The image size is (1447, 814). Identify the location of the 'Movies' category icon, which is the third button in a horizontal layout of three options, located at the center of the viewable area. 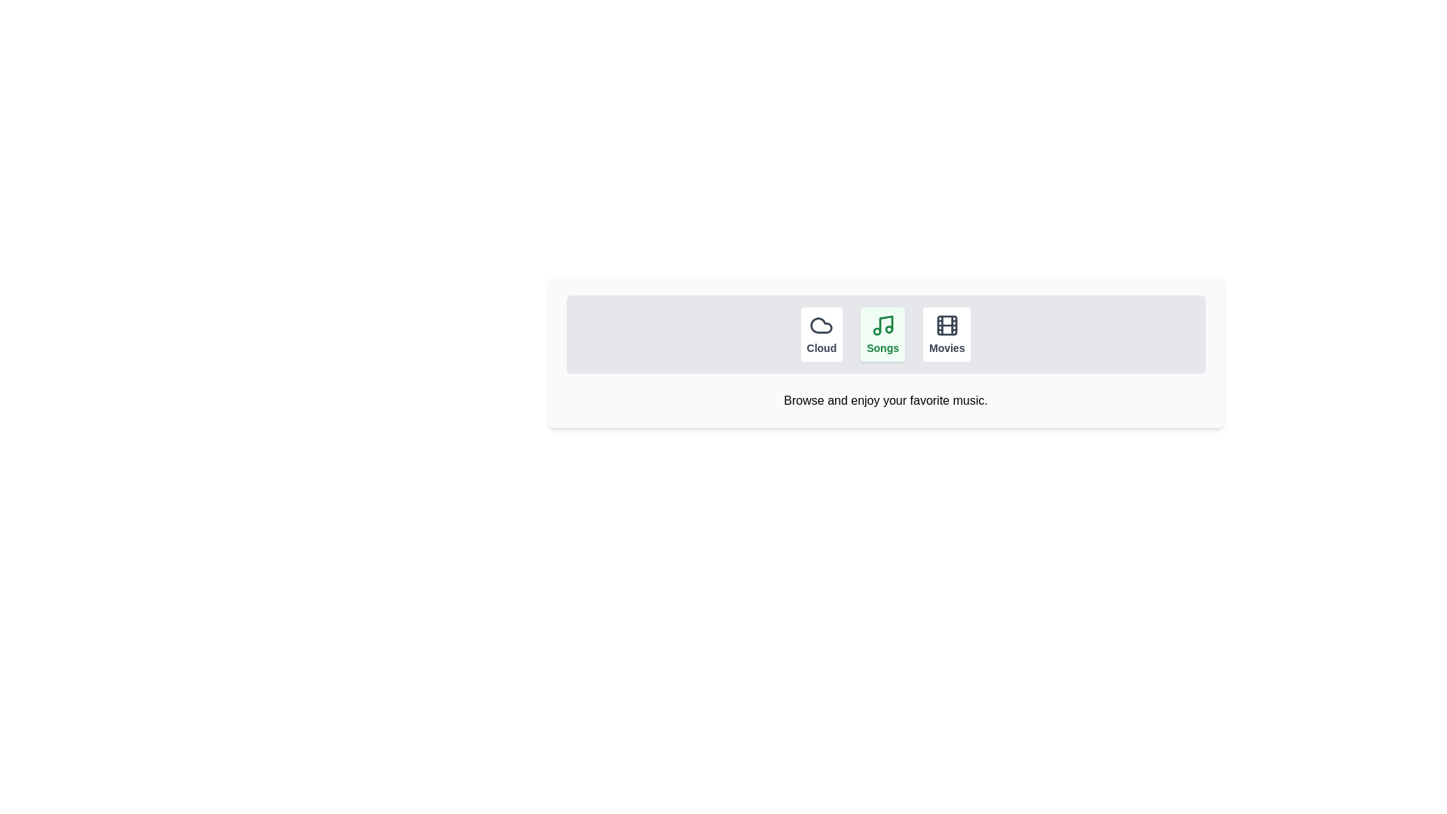
(946, 325).